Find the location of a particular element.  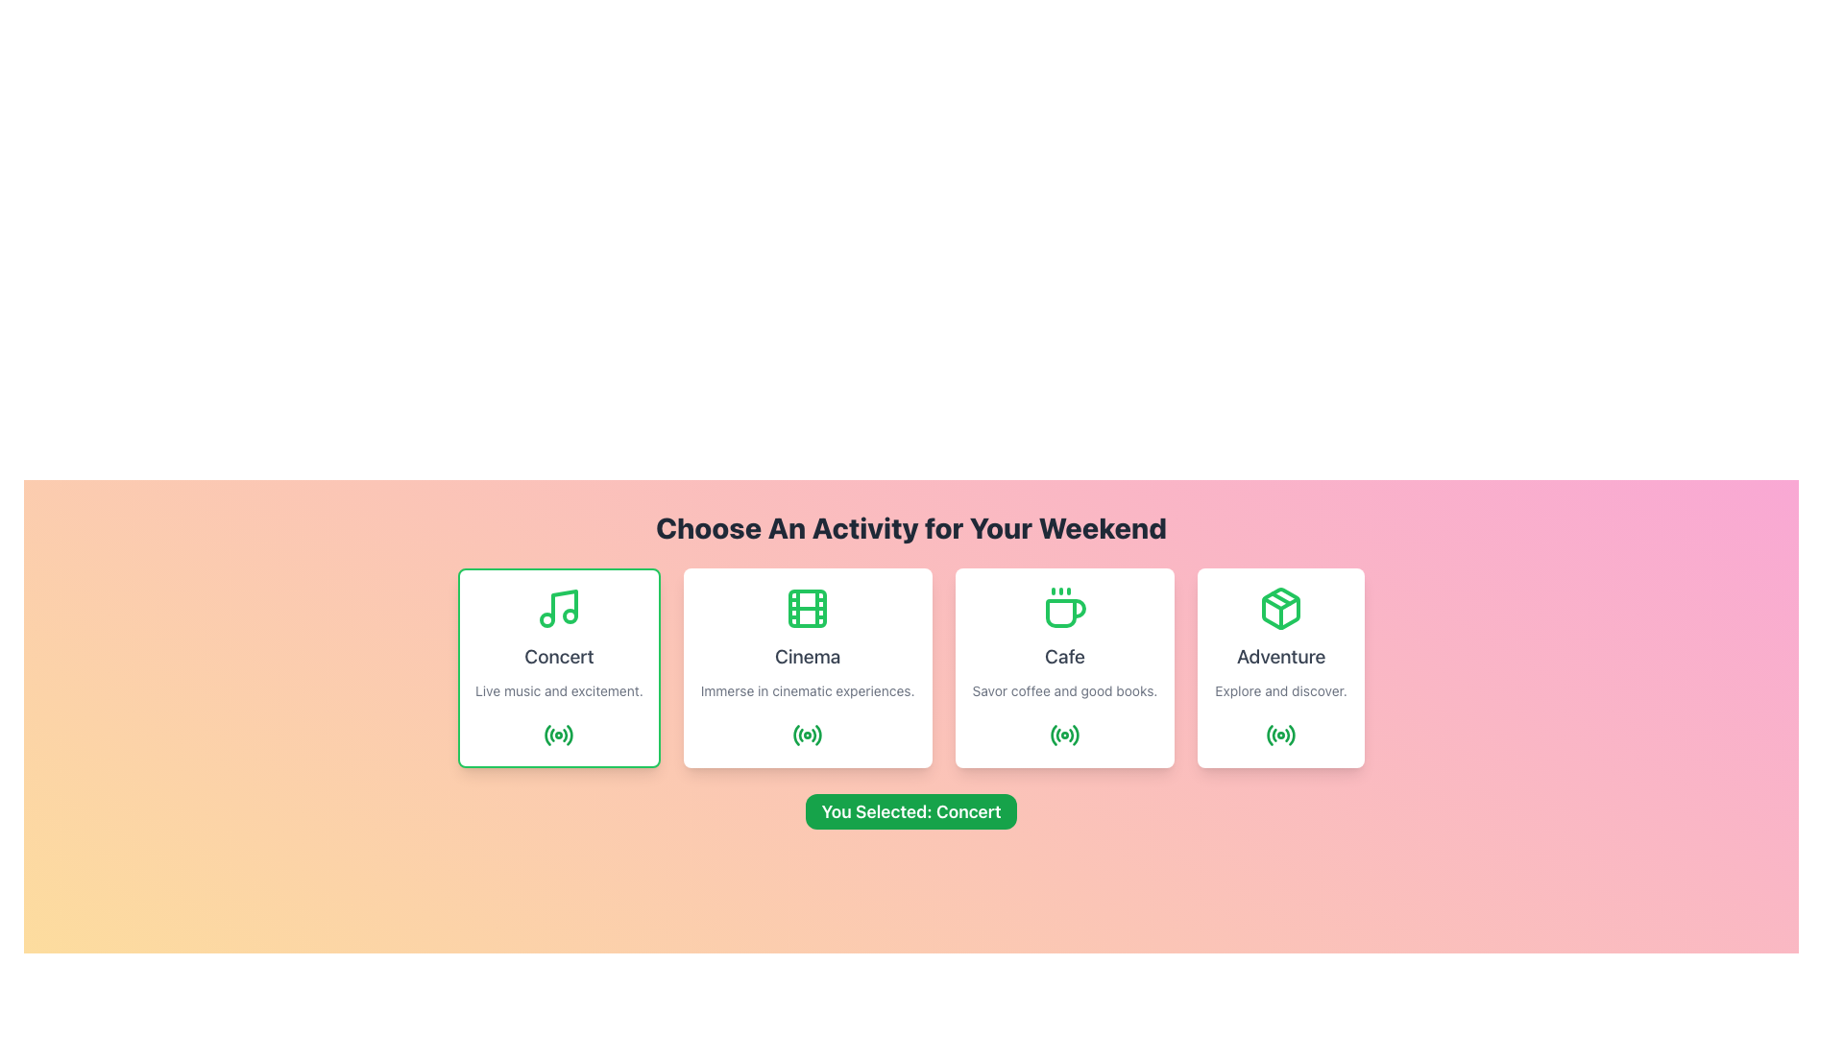

the static label displaying the text 'Explore and discover.' which is located below the title 'Adventure' in the card layout is located at coordinates (1281, 691).